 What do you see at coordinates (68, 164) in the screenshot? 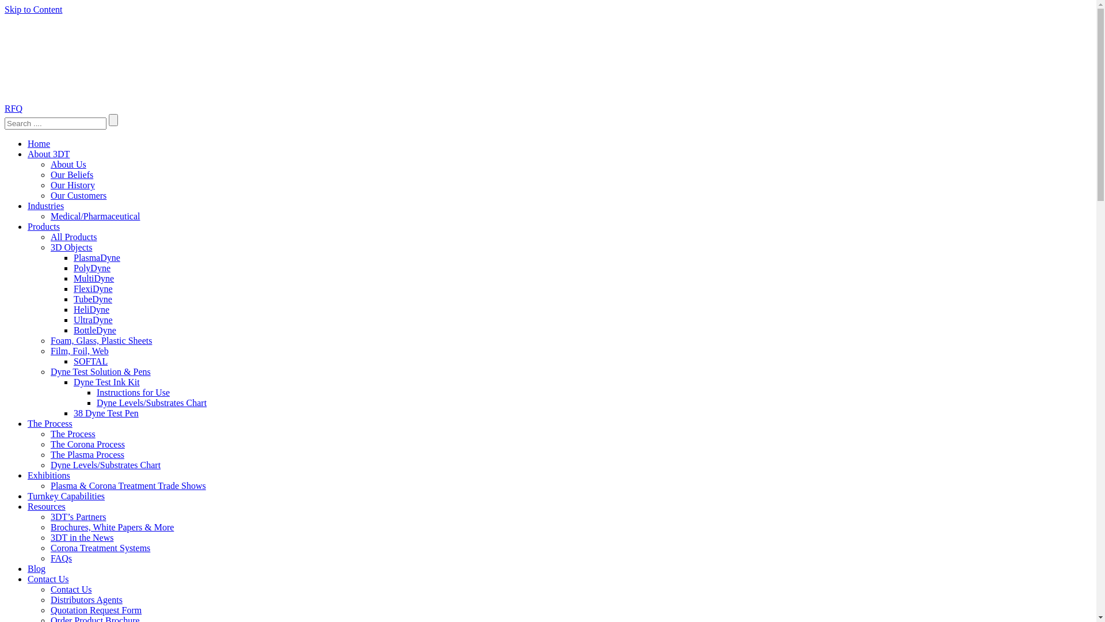
I see `'About Us'` at bounding box center [68, 164].